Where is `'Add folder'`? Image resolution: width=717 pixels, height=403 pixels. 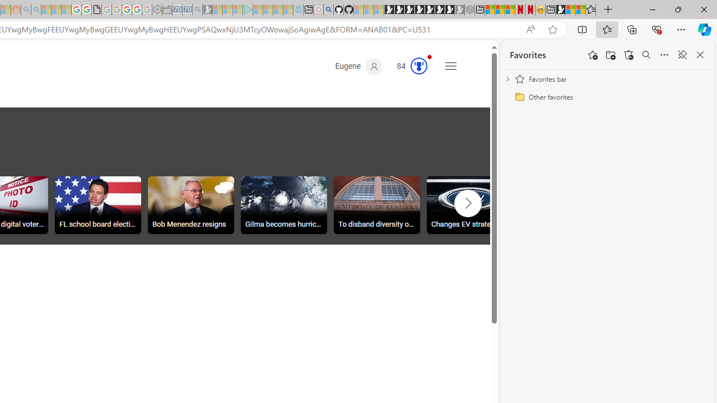
'Add folder' is located at coordinates (609, 55).